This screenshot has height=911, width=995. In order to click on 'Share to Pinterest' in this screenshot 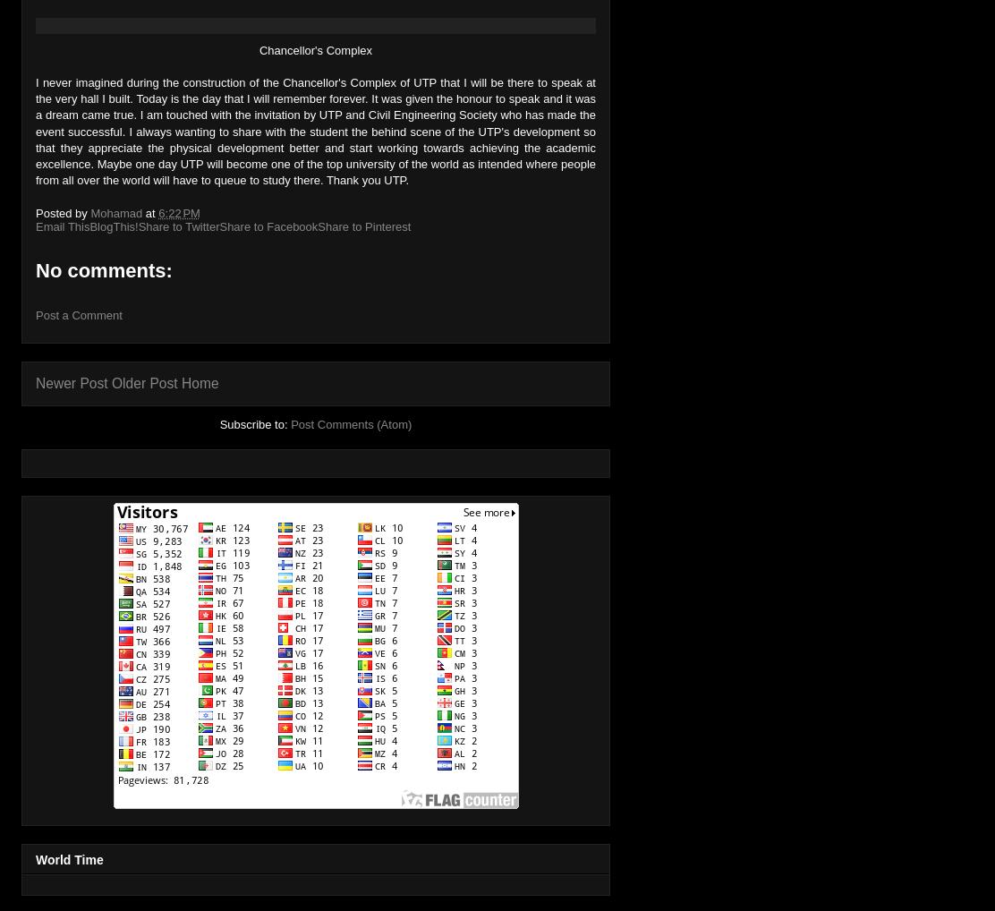, I will do `click(362, 225)`.